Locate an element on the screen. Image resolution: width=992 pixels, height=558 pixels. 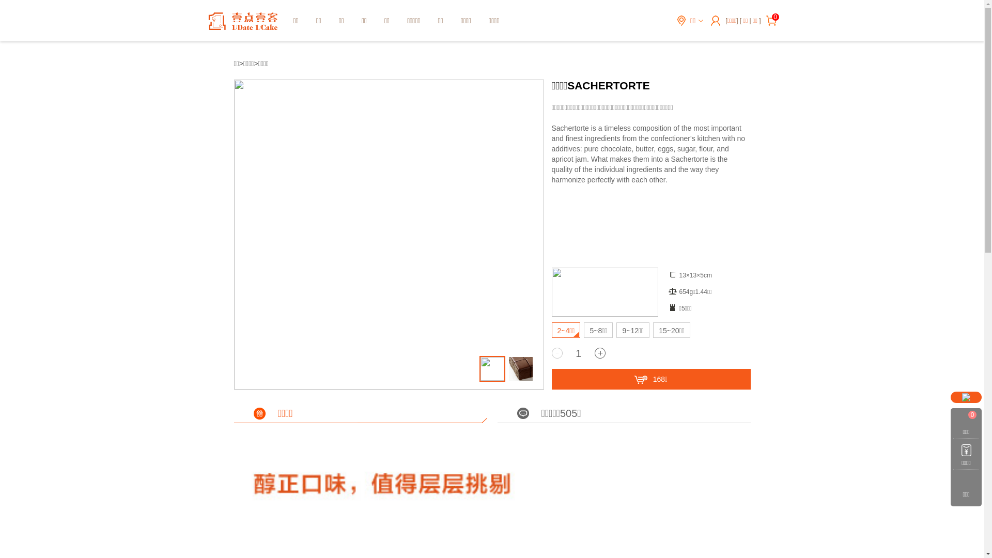
'0' is located at coordinates (775, 17).